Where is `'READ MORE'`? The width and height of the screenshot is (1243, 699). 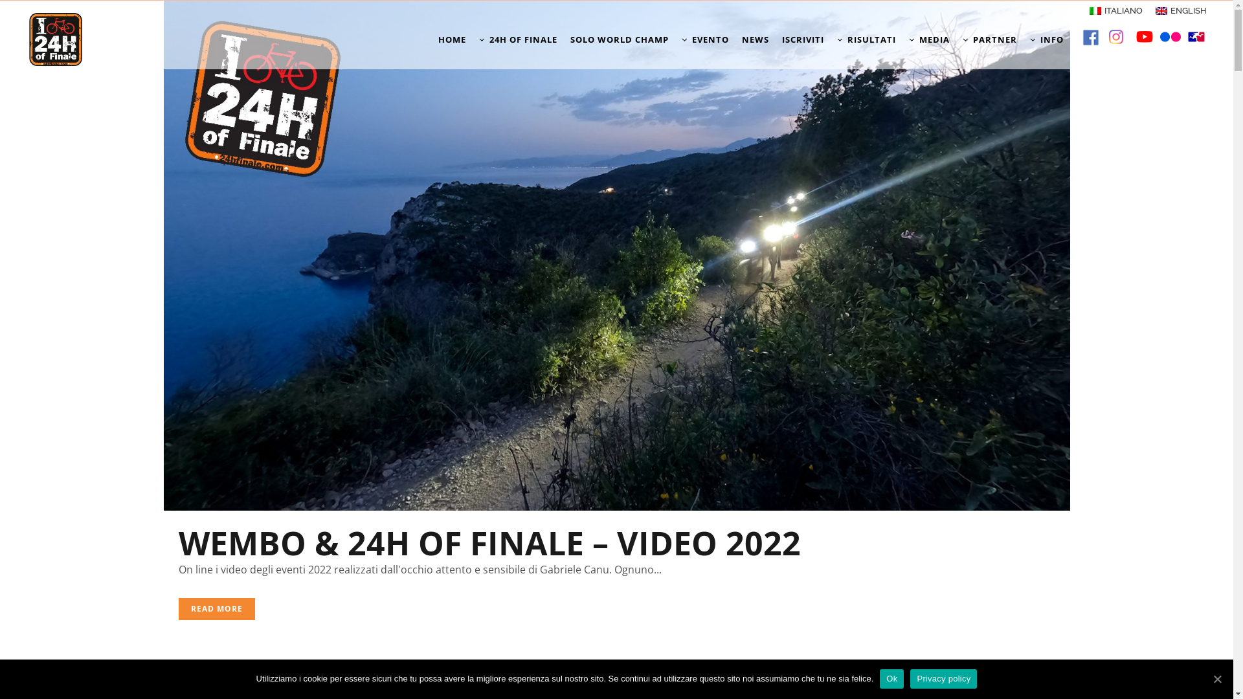 'READ MORE' is located at coordinates (217, 609).